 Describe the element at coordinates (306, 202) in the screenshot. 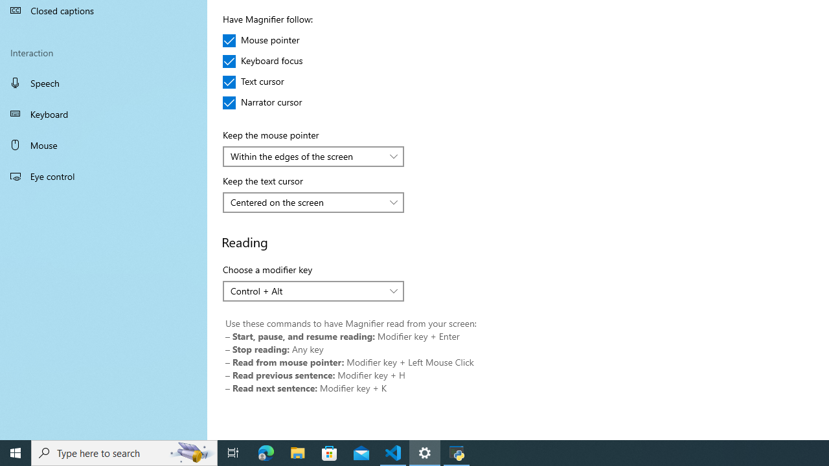

I see `'Centered on the screen'` at that location.